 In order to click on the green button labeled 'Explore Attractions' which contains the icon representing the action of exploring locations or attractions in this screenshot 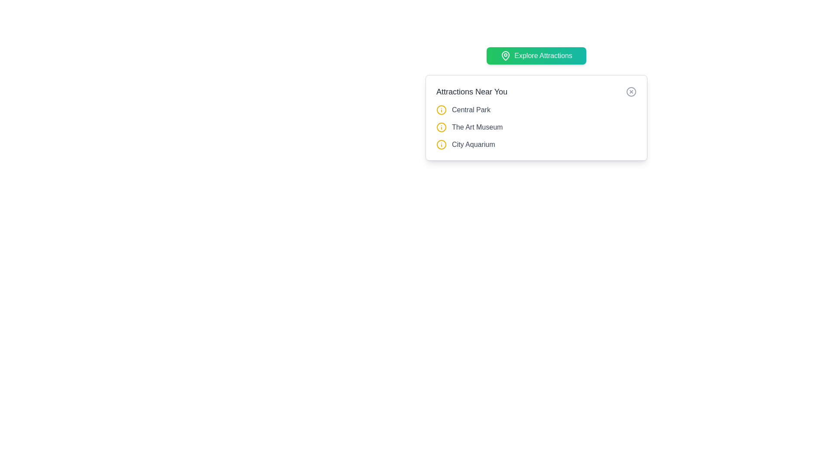, I will do `click(506, 55)`.